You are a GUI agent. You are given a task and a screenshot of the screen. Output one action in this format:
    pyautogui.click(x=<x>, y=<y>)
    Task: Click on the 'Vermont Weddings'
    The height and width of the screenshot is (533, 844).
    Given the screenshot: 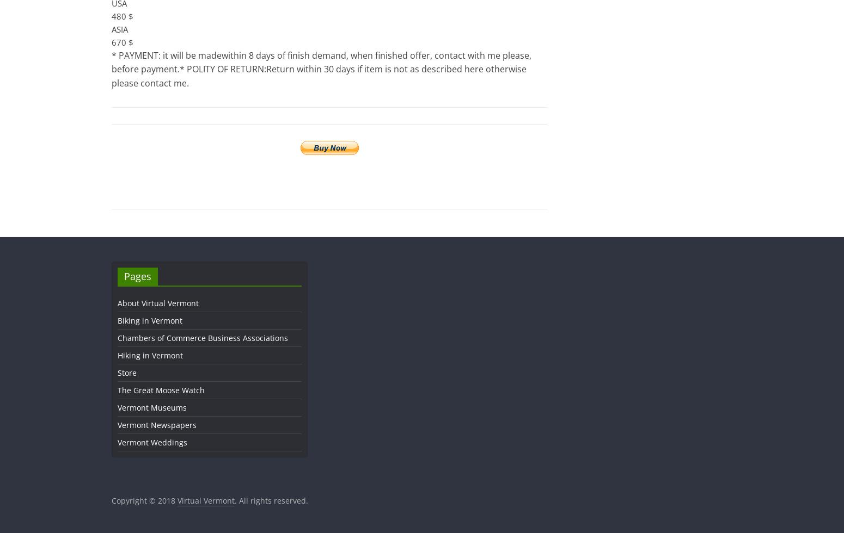 What is the action you would take?
    pyautogui.click(x=117, y=442)
    